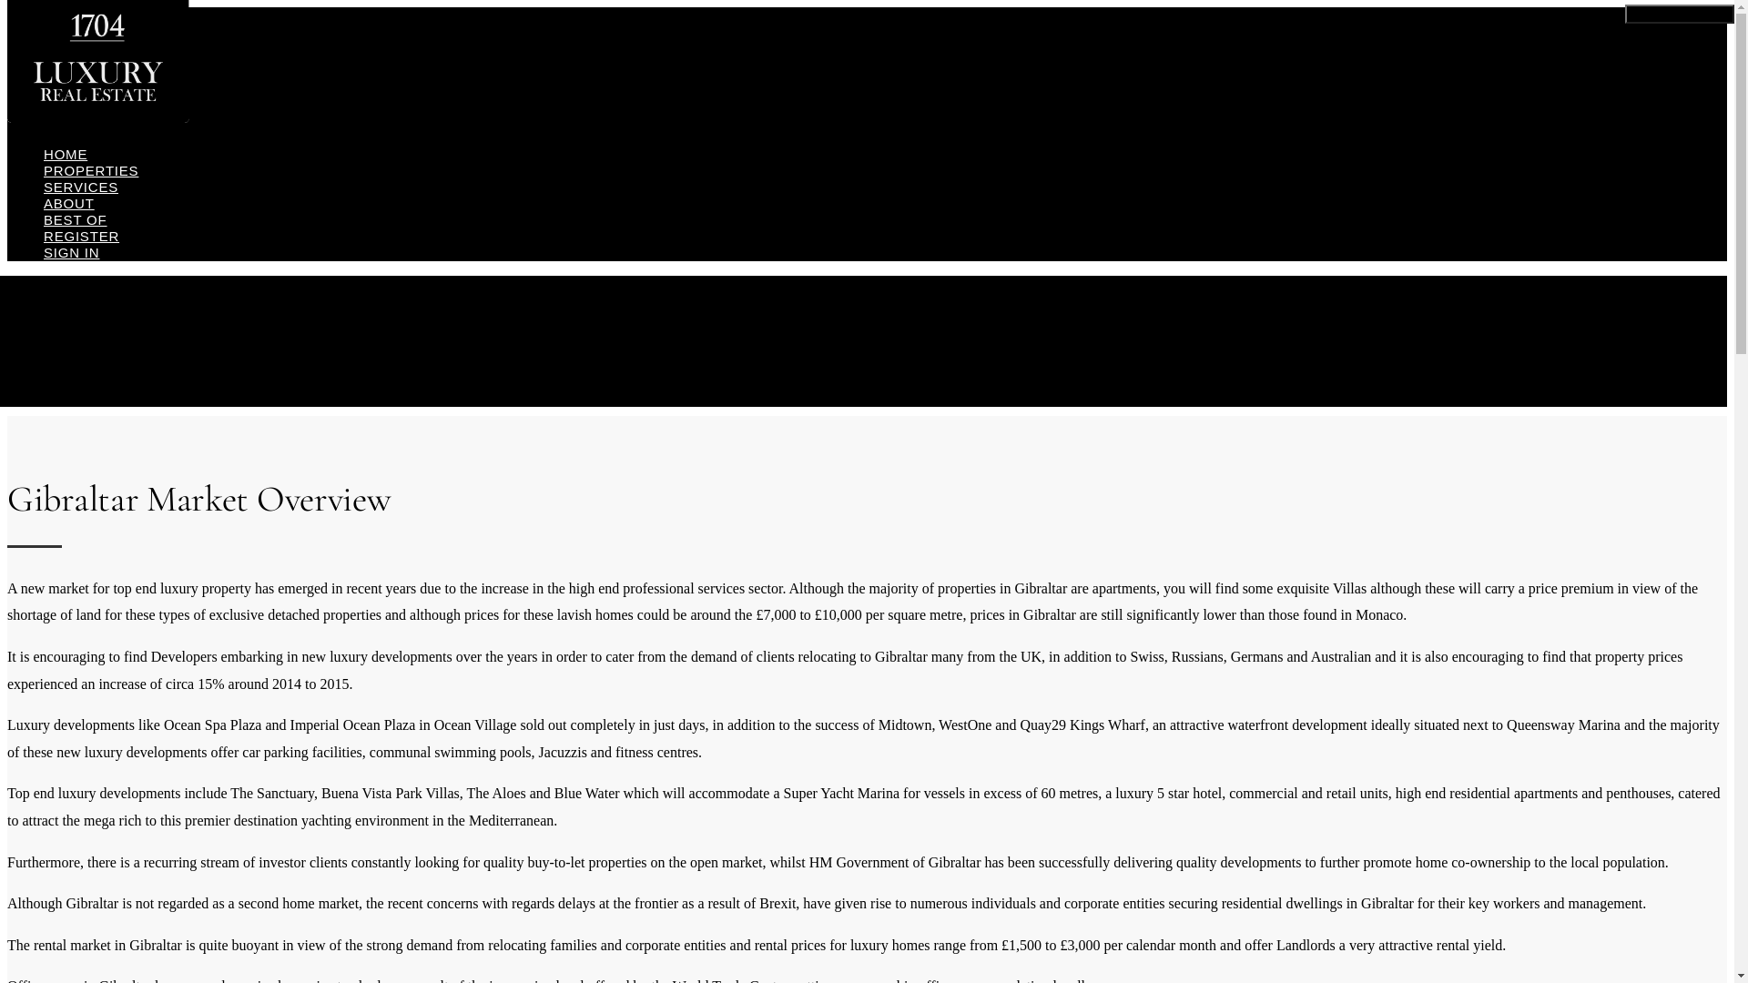 This screenshot has width=1748, height=983. Describe the element at coordinates (80, 235) in the screenshot. I see `'REGISTER'` at that location.